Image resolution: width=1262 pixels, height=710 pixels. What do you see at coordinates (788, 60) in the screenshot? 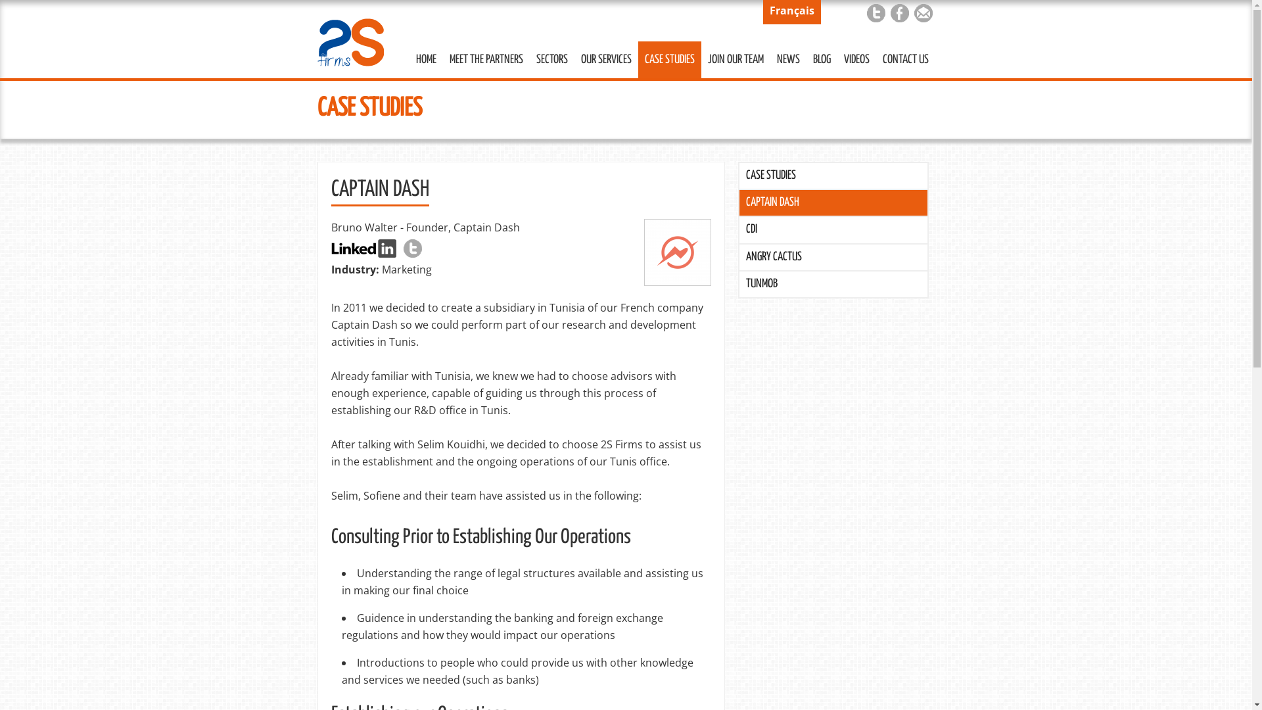
I see `'NEWS'` at bounding box center [788, 60].